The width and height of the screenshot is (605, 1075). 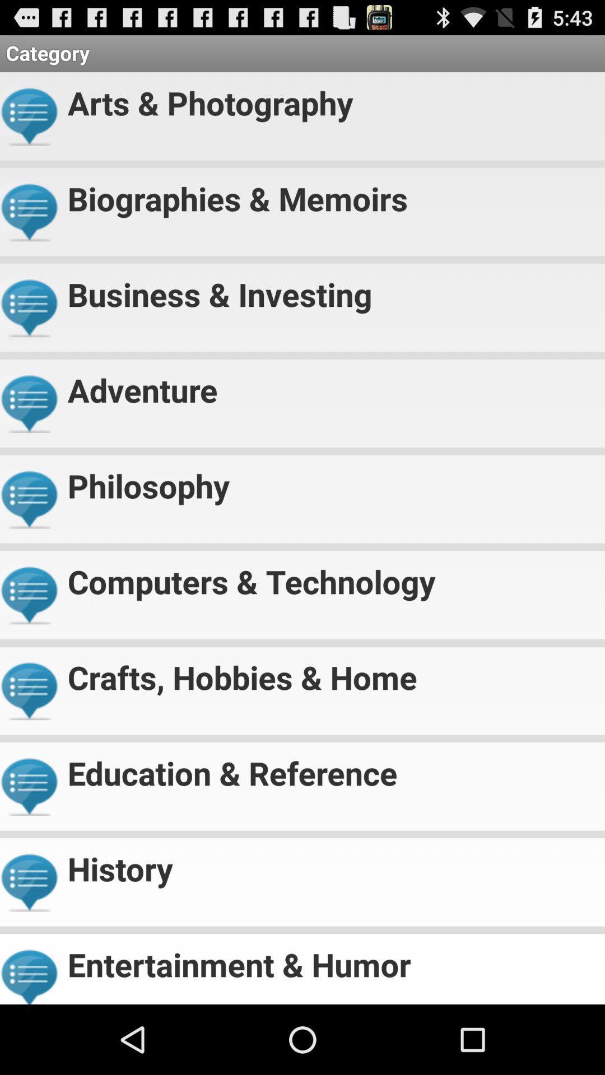 I want to click on the entertainment & humor app, so click(x=331, y=959).